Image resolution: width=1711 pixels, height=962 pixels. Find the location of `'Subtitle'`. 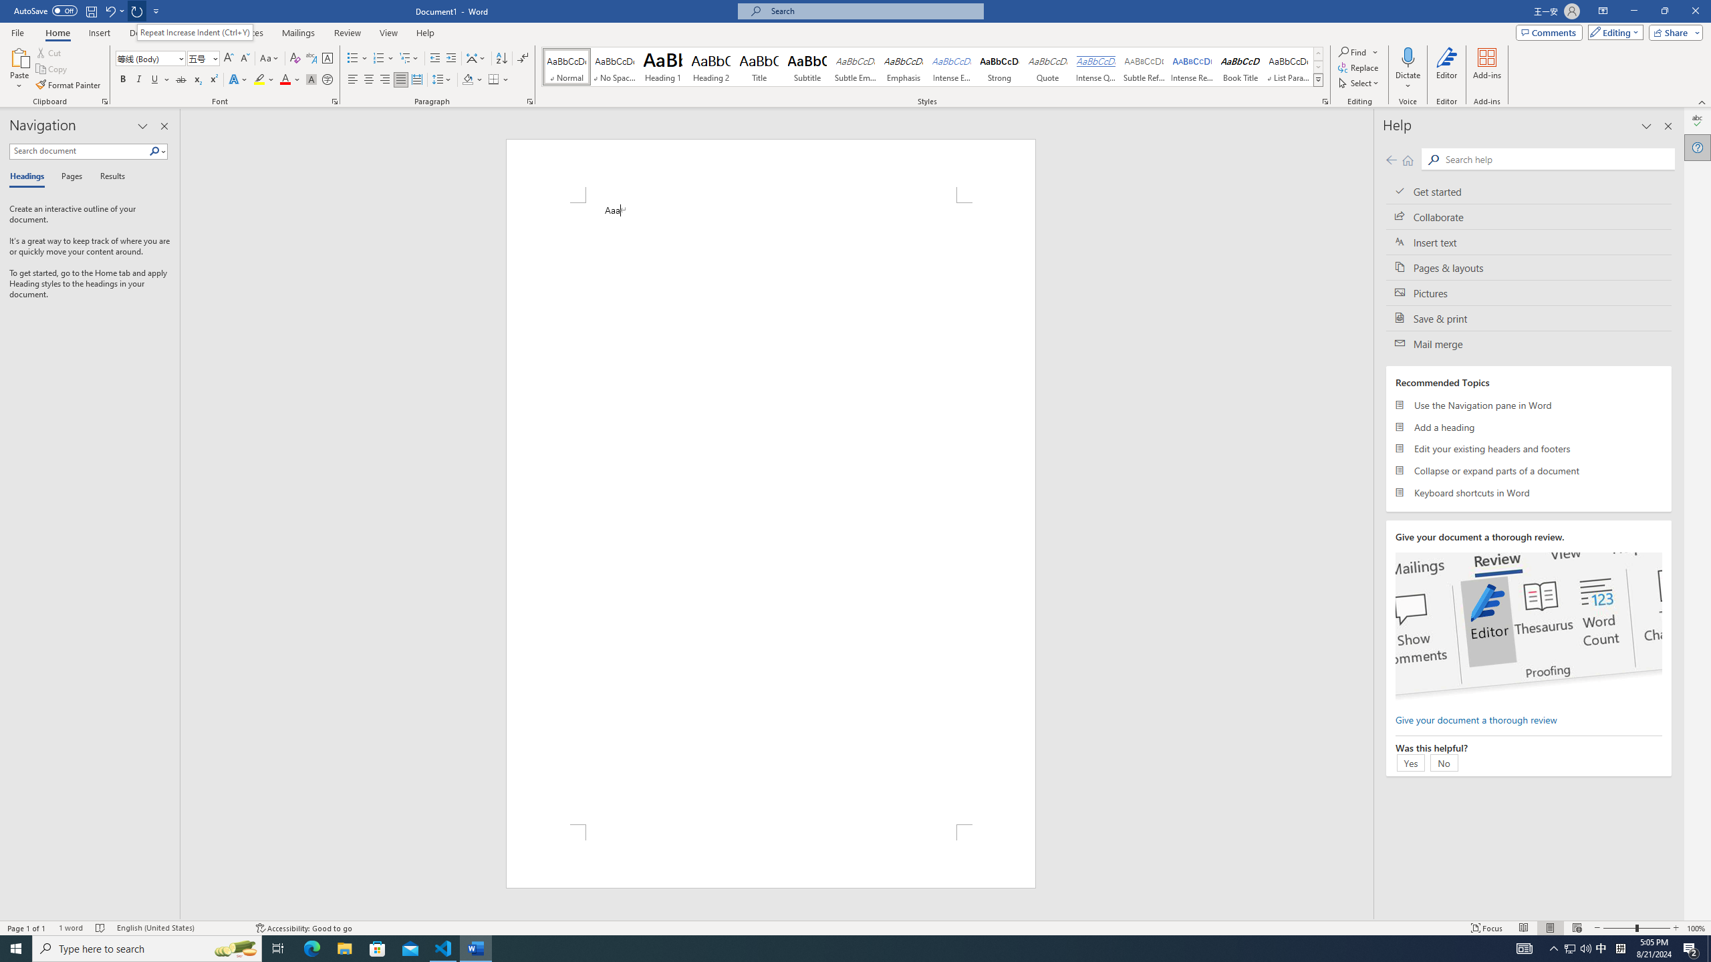

'Subtitle' is located at coordinates (807, 66).